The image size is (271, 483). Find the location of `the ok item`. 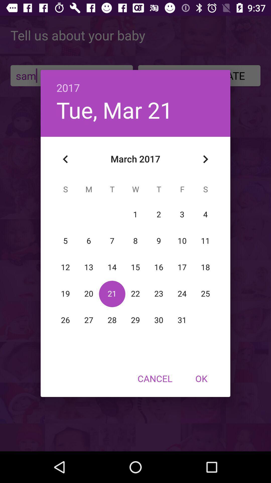

the ok item is located at coordinates (201, 378).